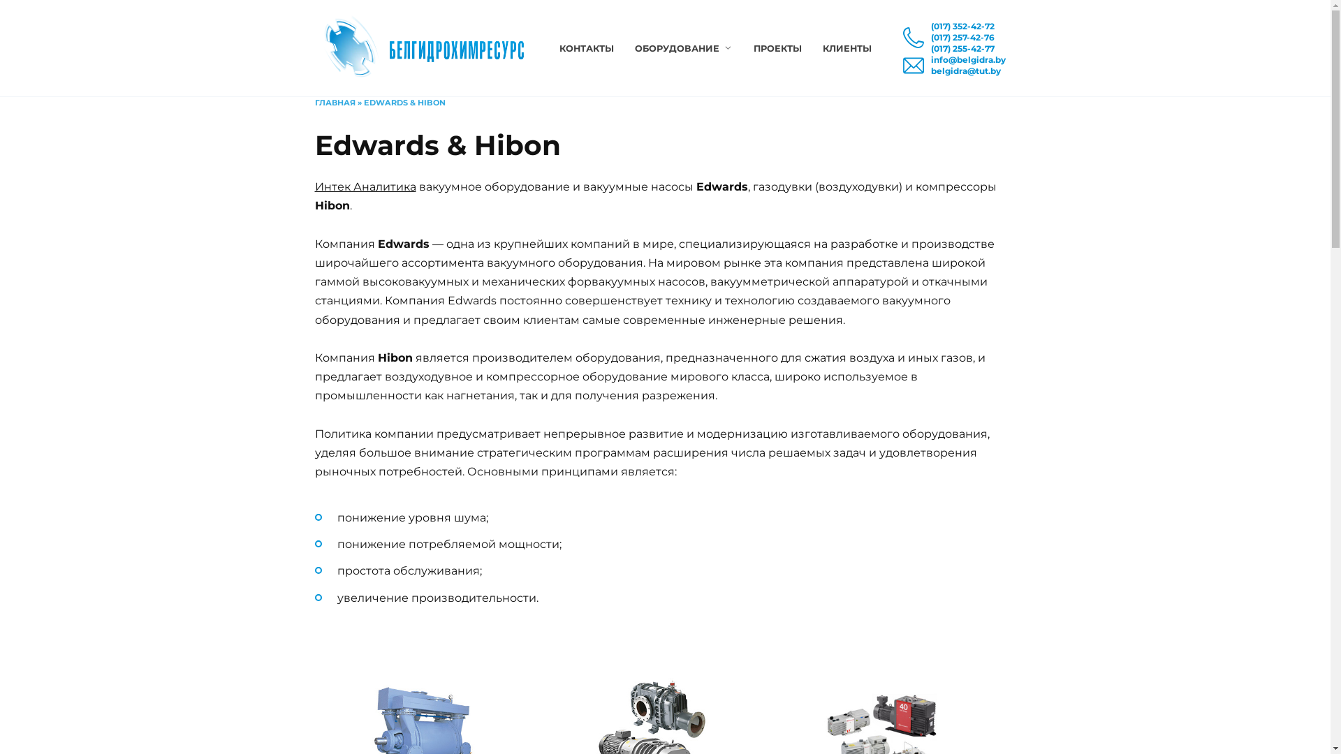  What do you see at coordinates (961, 27) in the screenshot?
I see `'(017) 352-42-72'` at bounding box center [961, 27].